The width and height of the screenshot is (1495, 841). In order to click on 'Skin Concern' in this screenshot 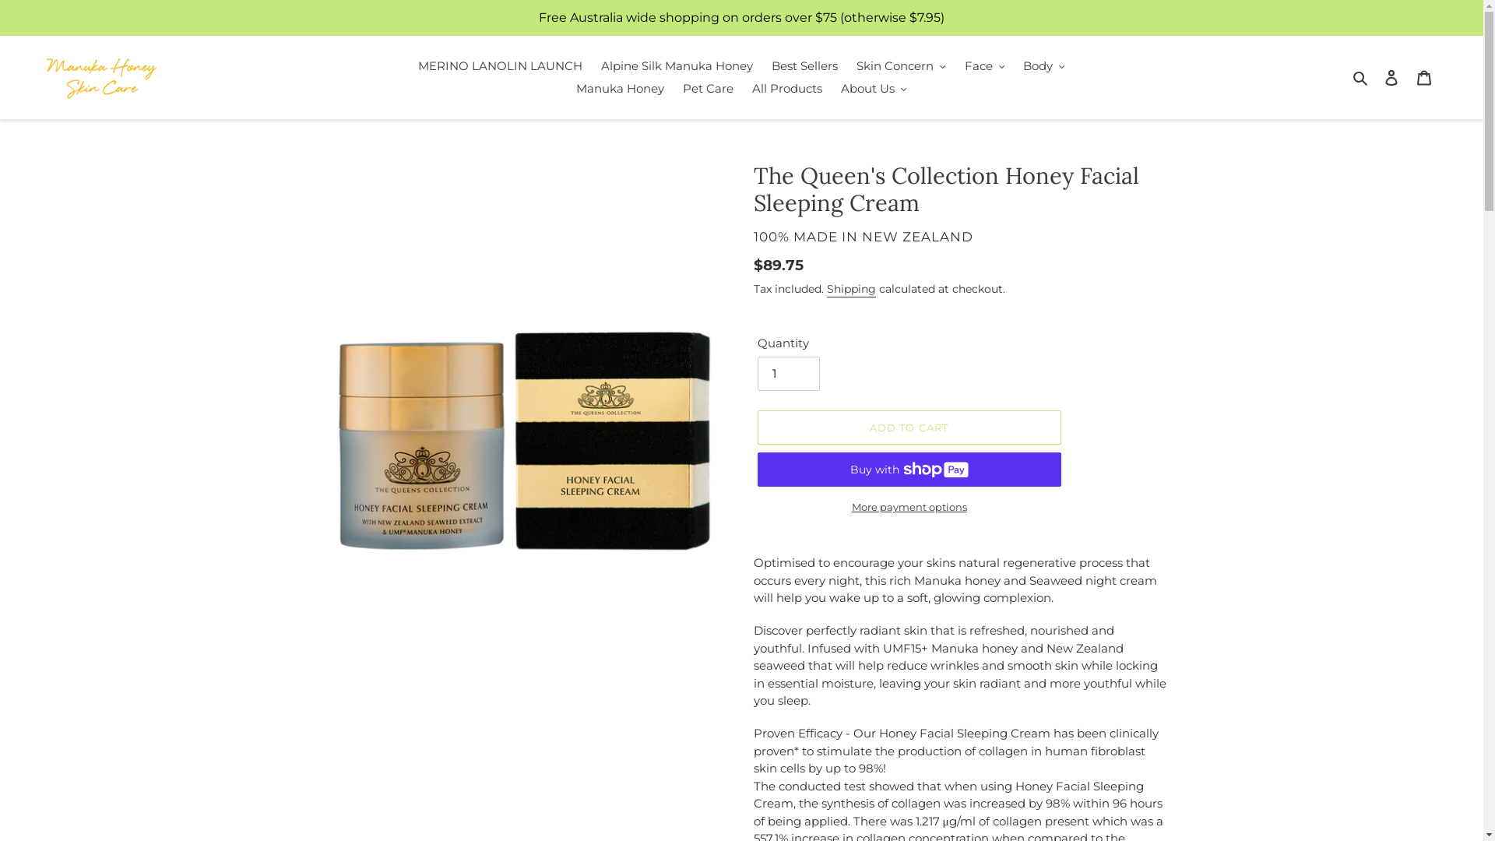, I will do `click(901, 65)`.